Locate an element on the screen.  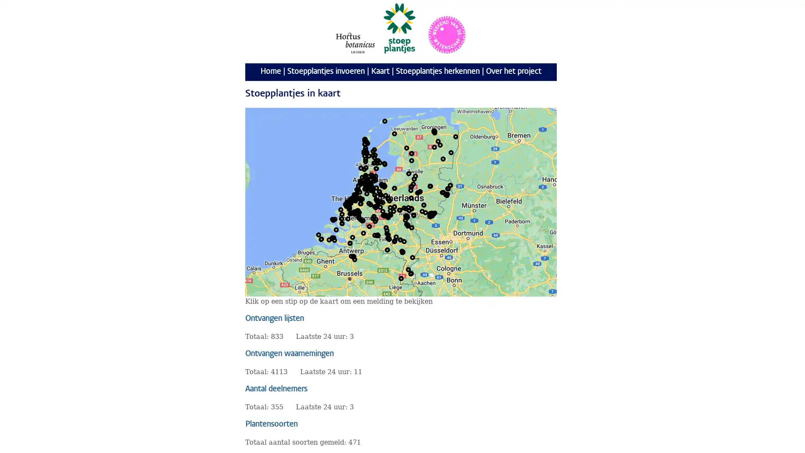
Telling van op 05 februari 2022 is located at coordinates (351, 255).